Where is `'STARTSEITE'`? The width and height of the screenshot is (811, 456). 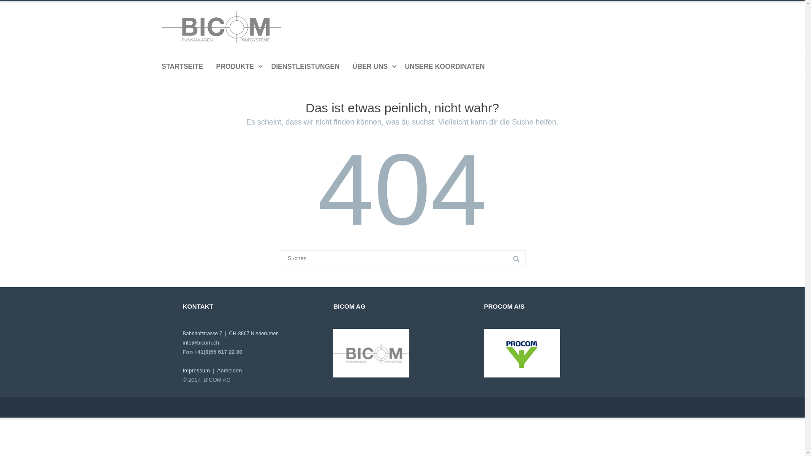
'STARTSEITE' is located at coordinates (182, 66).